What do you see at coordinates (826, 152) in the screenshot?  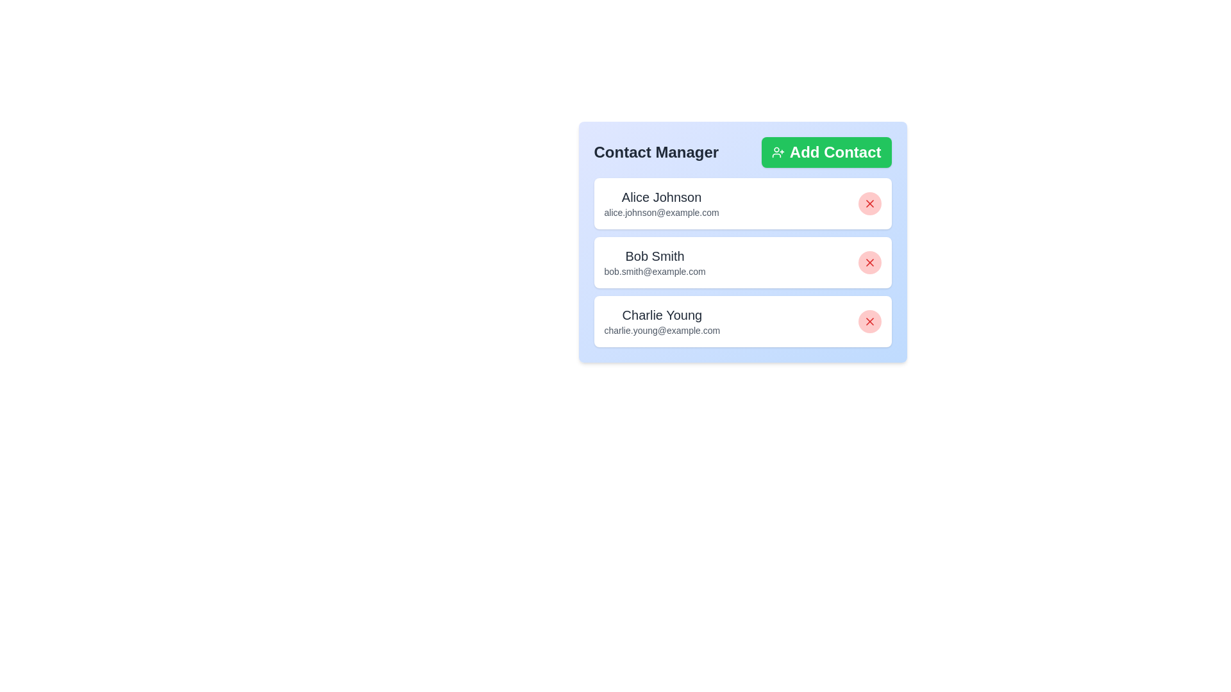 I see `the 'Add Contact' button to initiate the process of adding a new contact` at bounding box center [826, 152].